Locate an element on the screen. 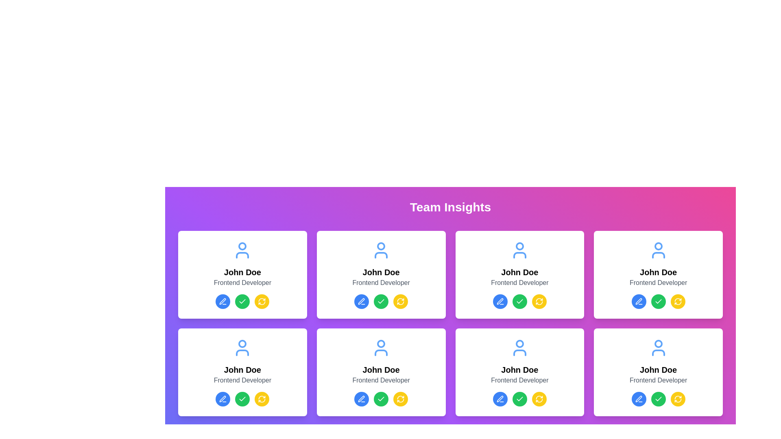 The height and width of the screenshot is (439, 781). the third button in the horizontal group of action buttons at the bottom-right of the card is located at coordinates (539, 399).